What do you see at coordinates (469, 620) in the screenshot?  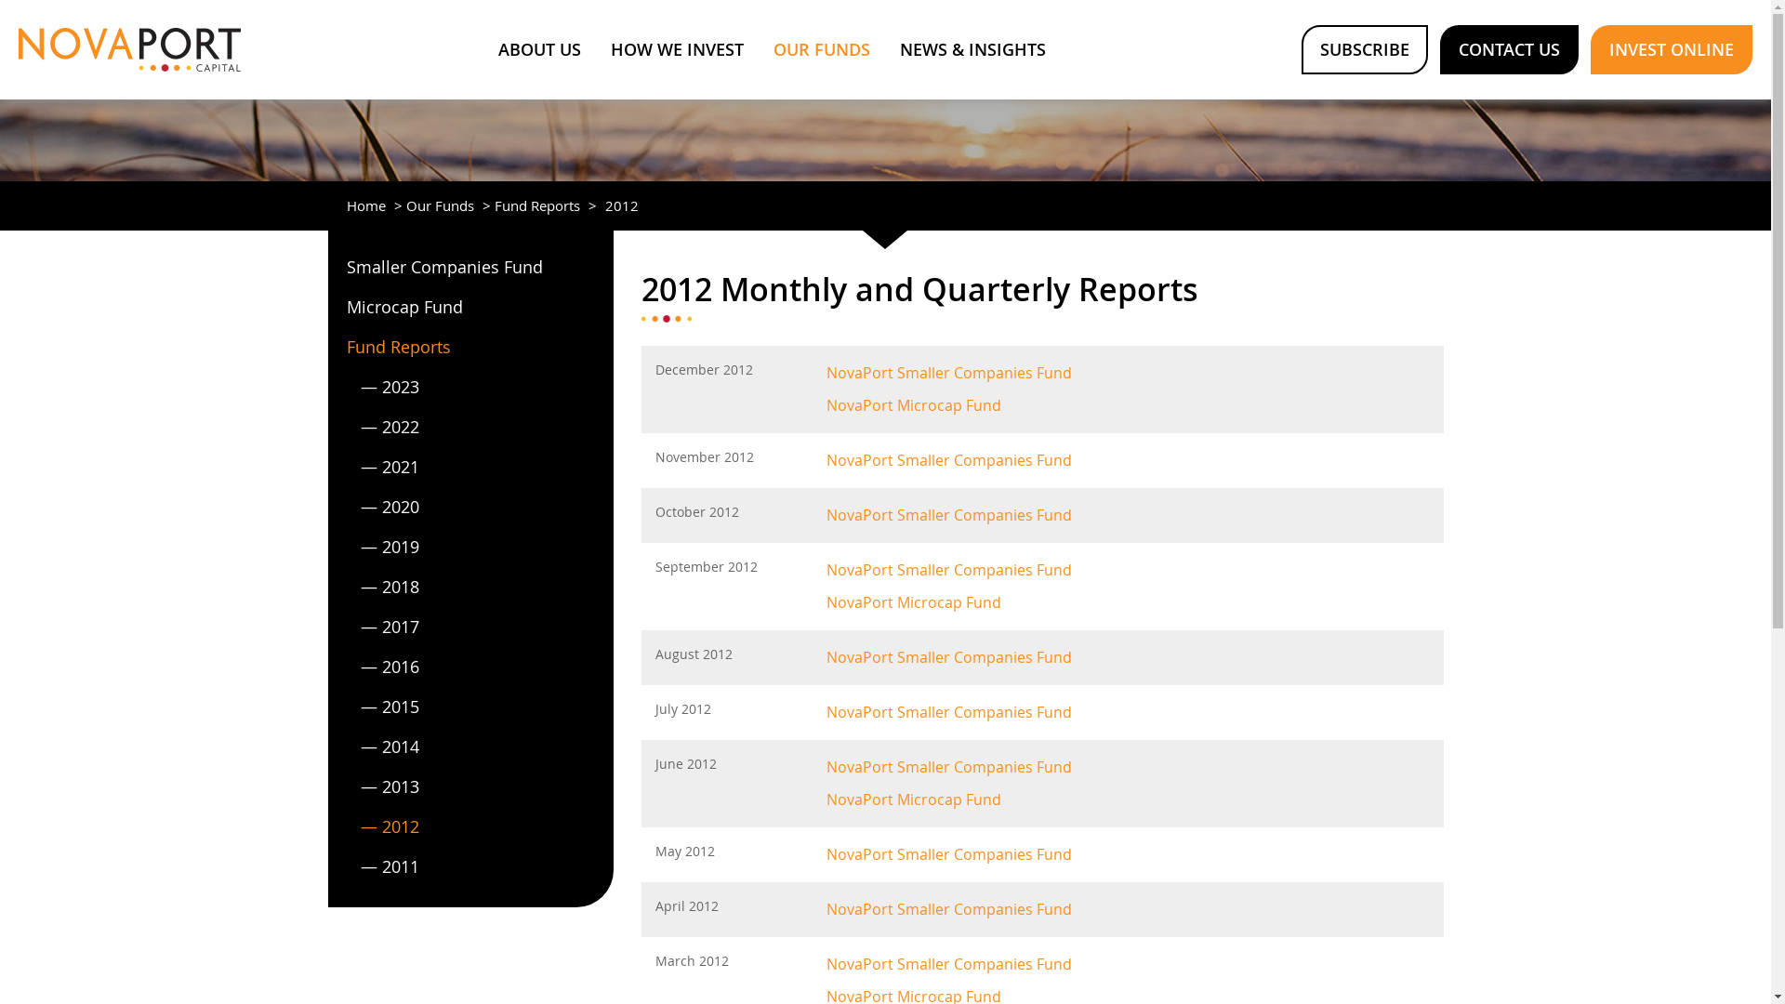 I see `'2017'` at bounding box center [469, 620].